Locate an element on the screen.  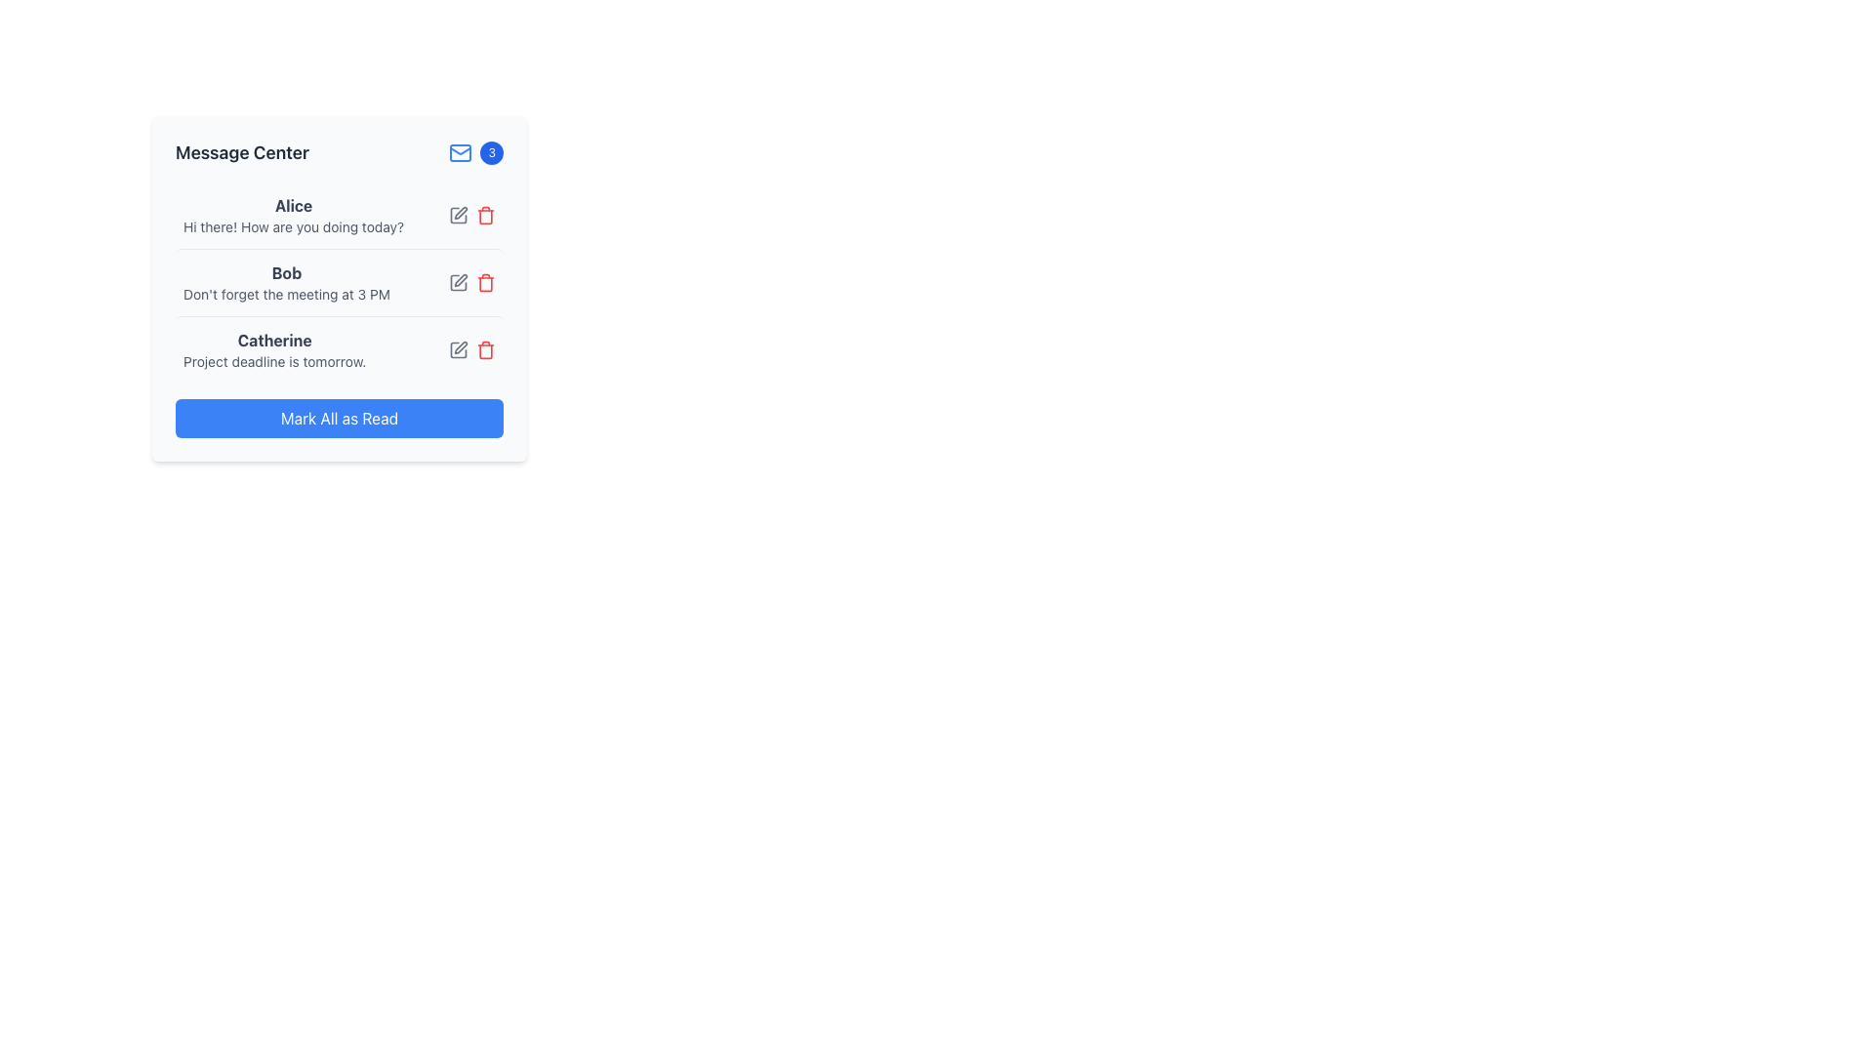
the text block containing the name 'Alice' is located at coordinates (293, 215).